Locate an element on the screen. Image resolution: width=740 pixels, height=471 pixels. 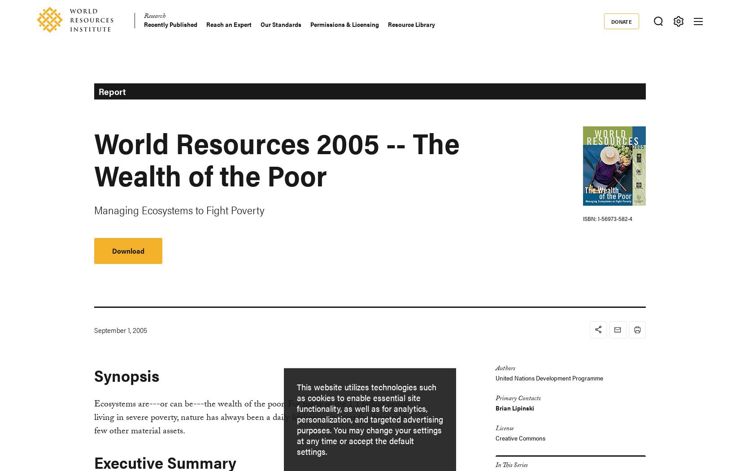
'Data' is located at coordinates (48, 157).